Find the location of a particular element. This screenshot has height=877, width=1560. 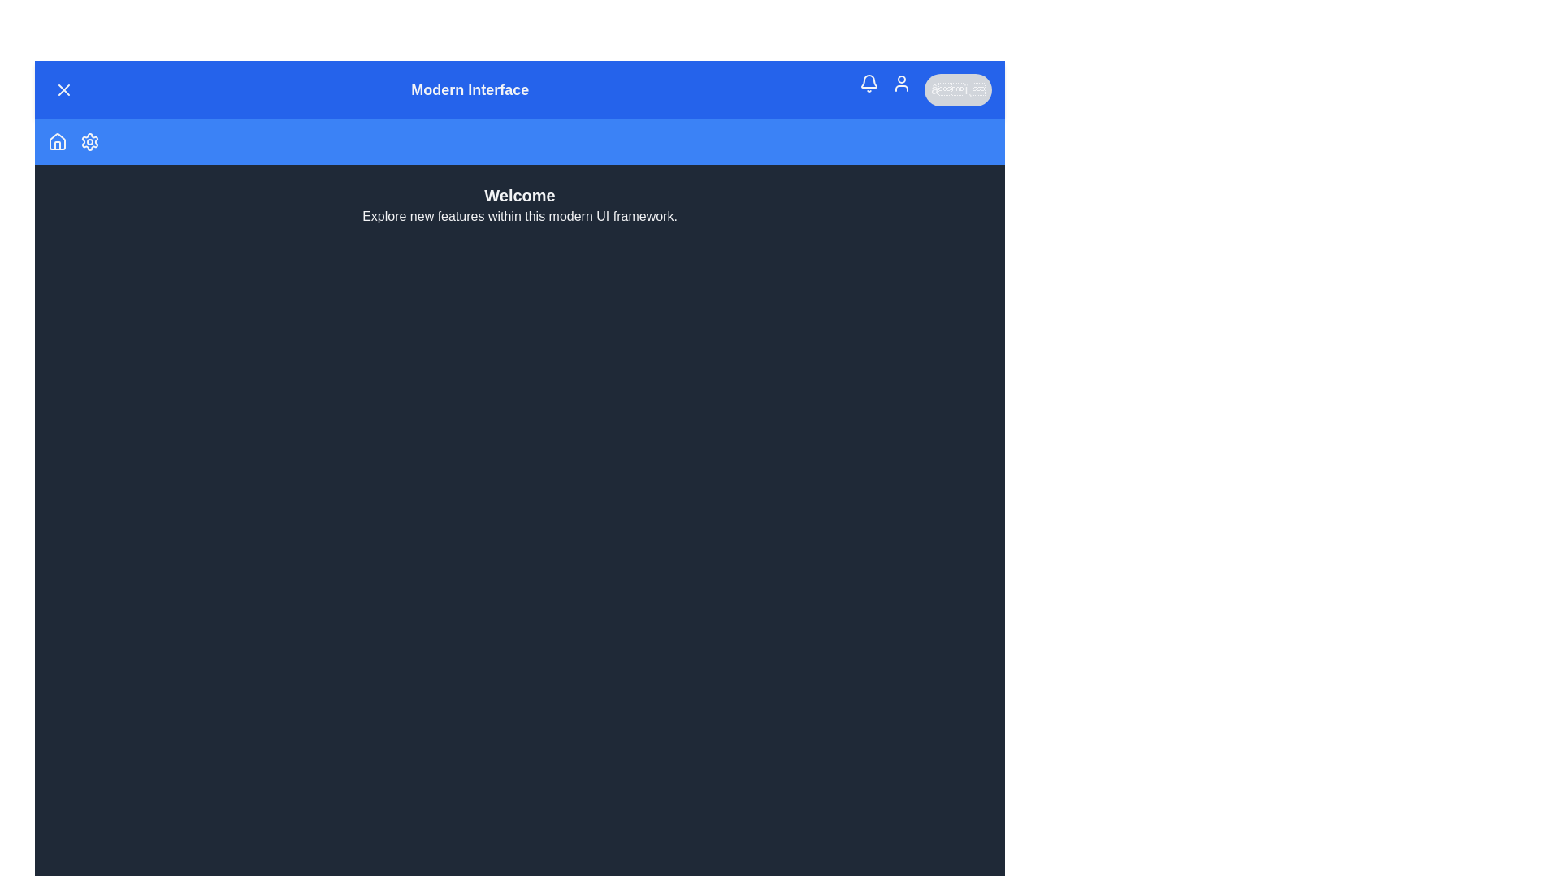

the user profile icon is located at coordinates (900, 84).